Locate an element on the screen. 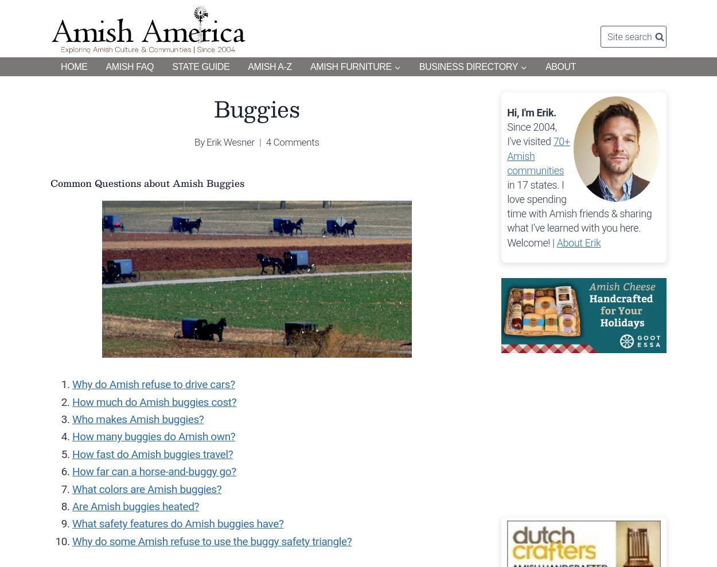 Image resolution: width=717 pixels, height=567 pixels. 'How fast do Amish buggies travel?' is located at coordinates (72, 453).